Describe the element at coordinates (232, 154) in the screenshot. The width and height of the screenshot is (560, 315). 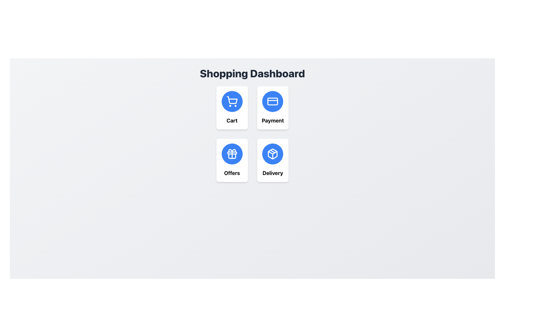
I see `the icon button located in the 'Offers' card at the bottom left of the grid` at that location.